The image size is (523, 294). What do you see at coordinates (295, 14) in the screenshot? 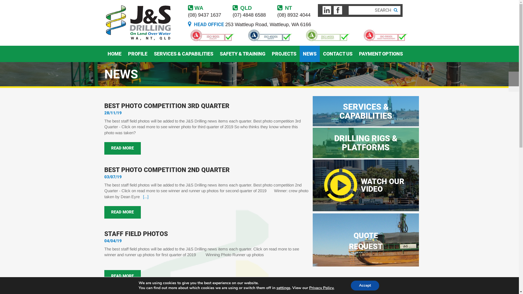
I see `'(08) 8932 4044'` at bounding box center [295, 14].